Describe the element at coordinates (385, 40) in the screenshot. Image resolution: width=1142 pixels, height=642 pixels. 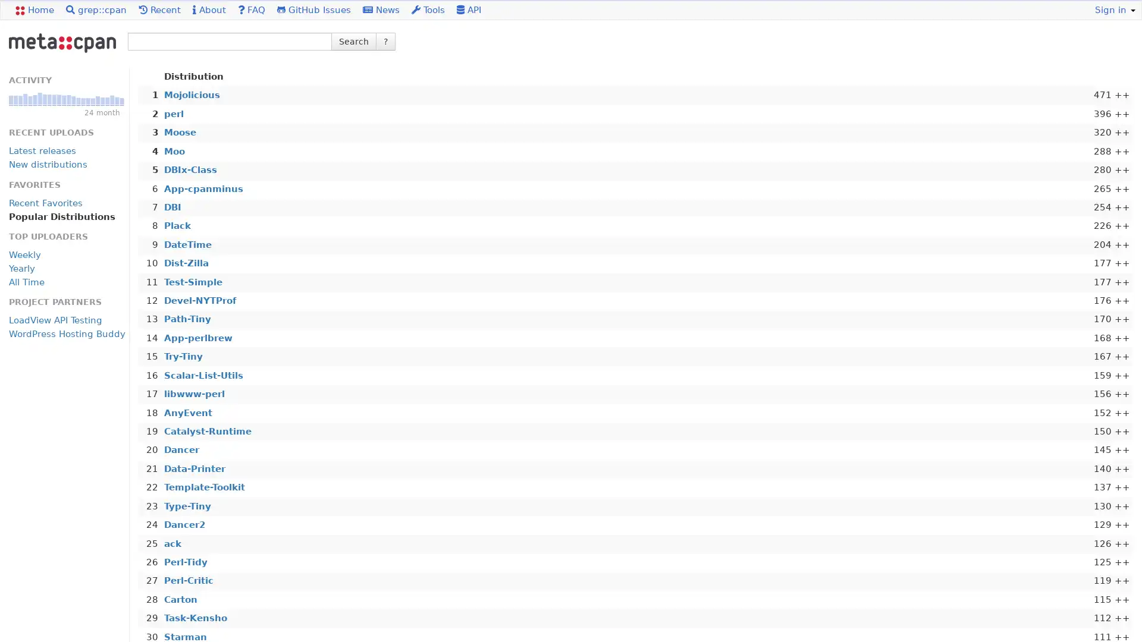
I see `?` at that location.